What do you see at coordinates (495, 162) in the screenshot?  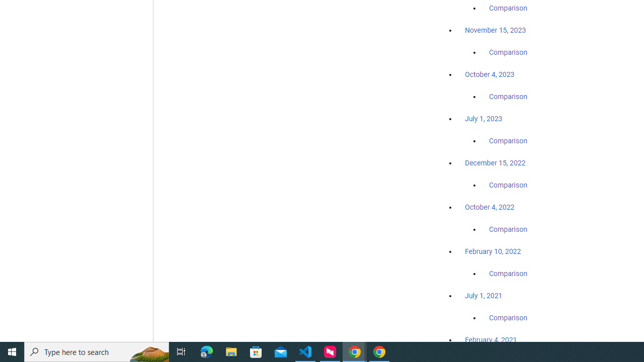 I see `'December 15, 2022'` at bounding box center [495, 162].